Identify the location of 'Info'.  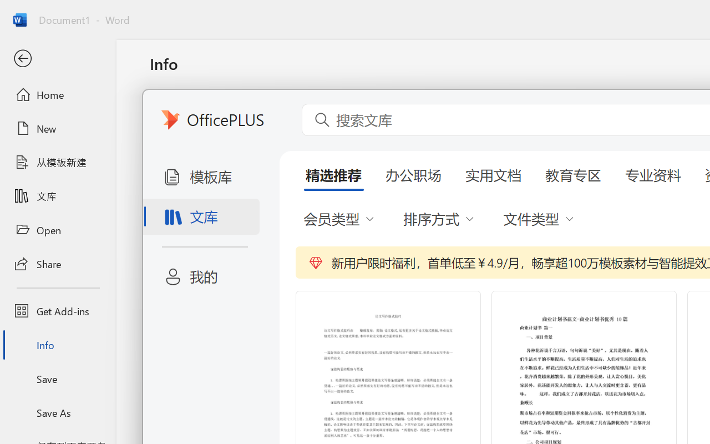
(57, 345).